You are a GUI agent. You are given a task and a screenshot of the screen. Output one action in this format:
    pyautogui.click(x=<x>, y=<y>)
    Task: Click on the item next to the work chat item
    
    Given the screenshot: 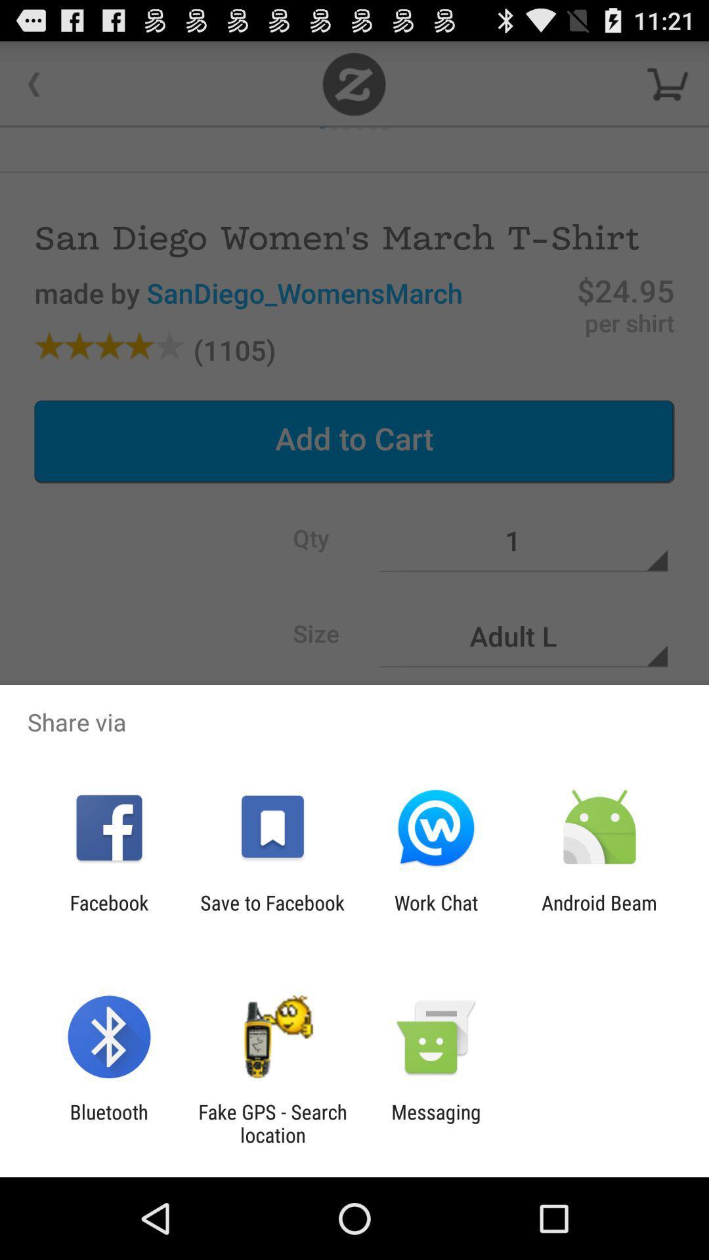 What is the action you would take?
    pyautogui.click(x=599, y=913)
    